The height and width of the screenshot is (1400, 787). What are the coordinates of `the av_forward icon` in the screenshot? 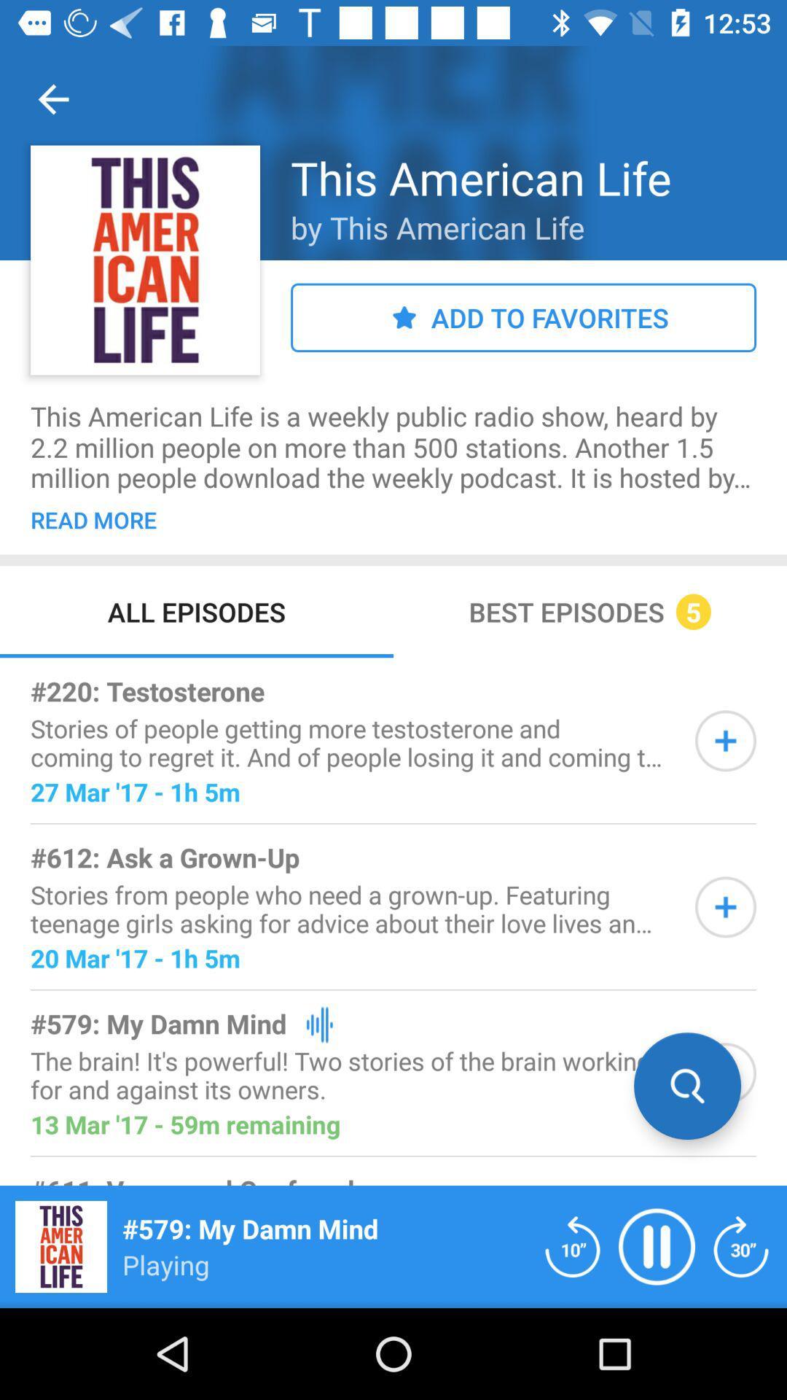 It's located at (741, 1245).